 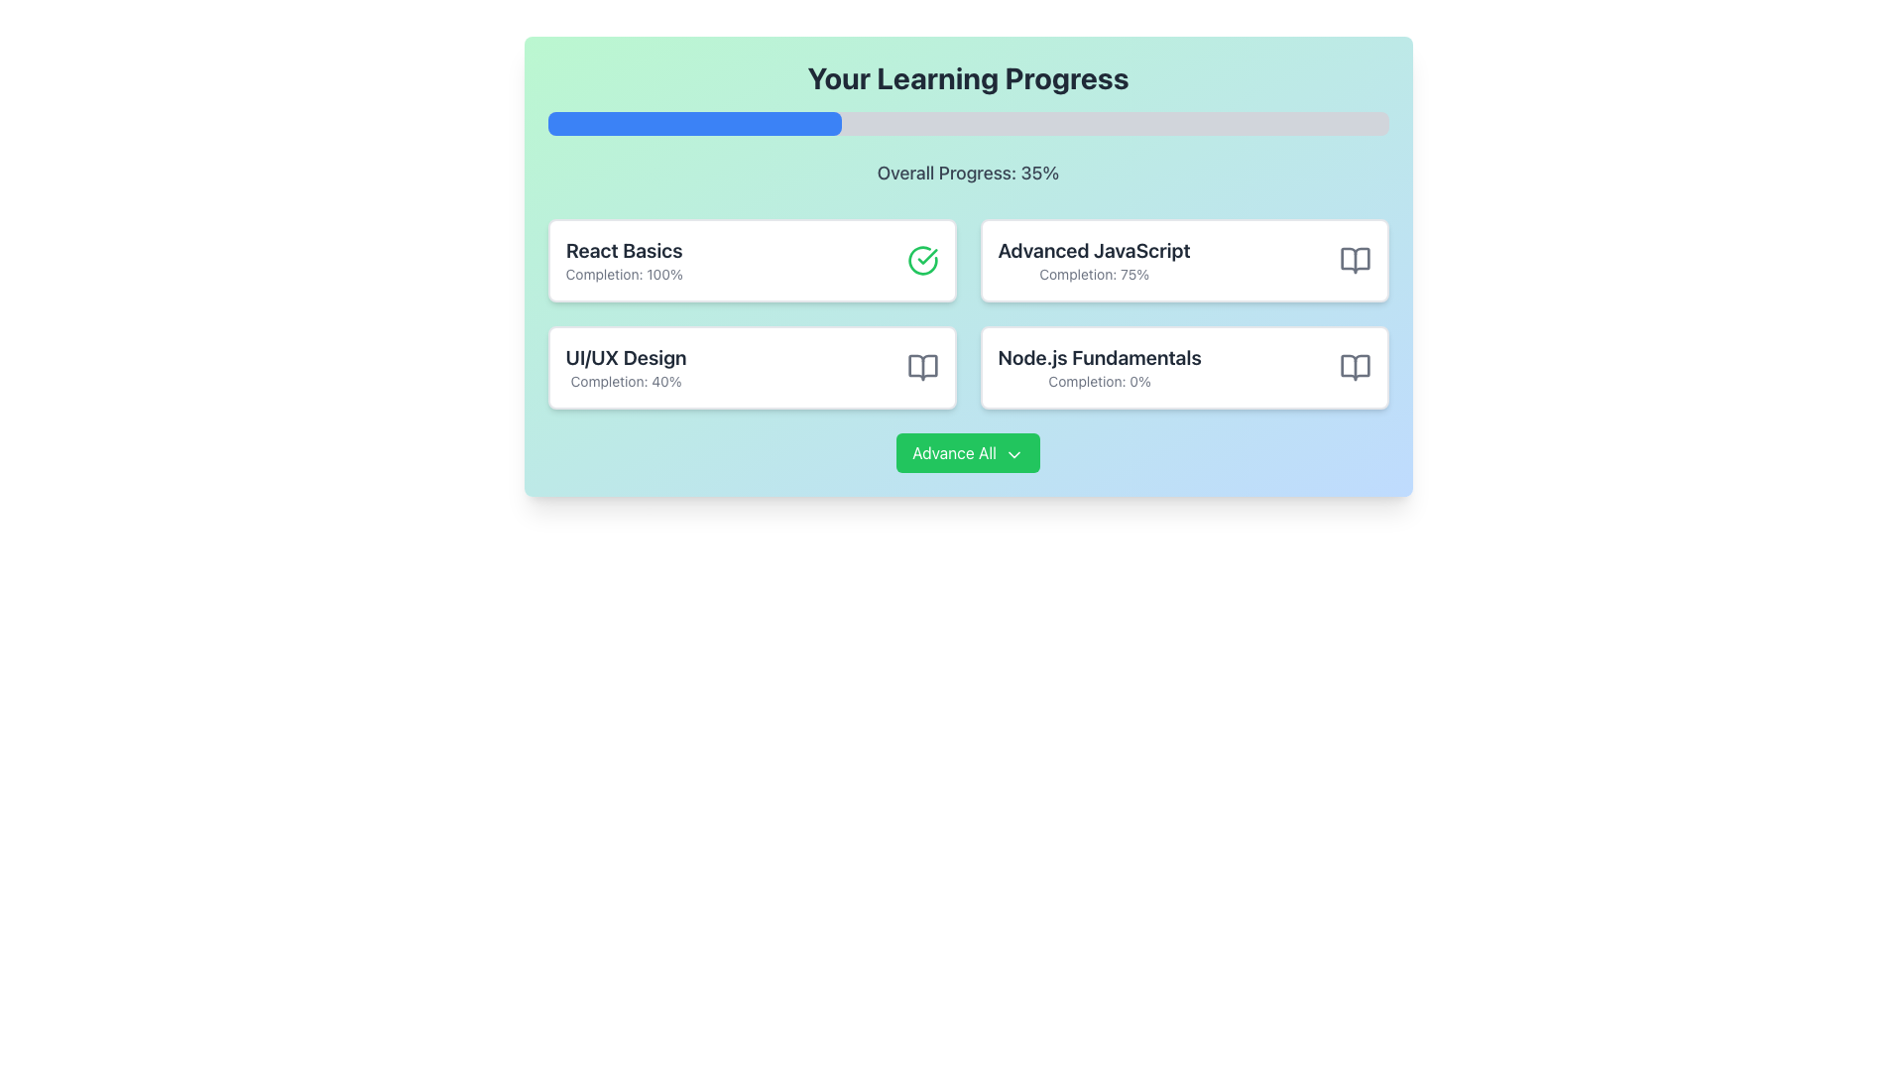 What do you see at coordinates (623, 275) in the screenshot?
I see `completion percentage text label for the 'React Basics' course, which is located directly underneath the 'React Basics' heading and aligned to the left within its card component` at bounding box center [623, 275].